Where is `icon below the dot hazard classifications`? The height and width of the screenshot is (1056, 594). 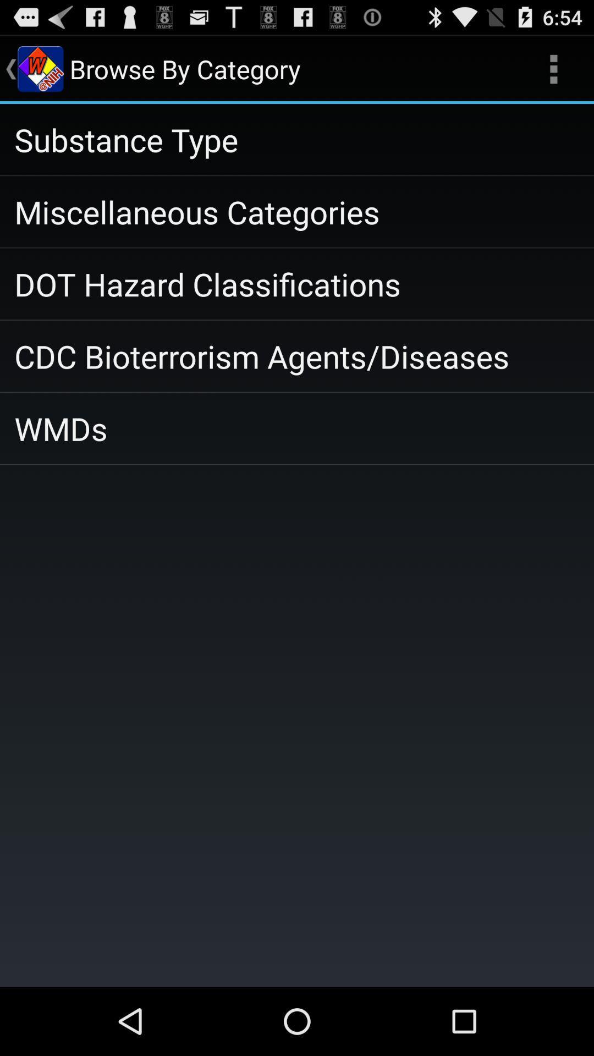
icon below the dot hazard classifications is located at coordinates (297, 356).